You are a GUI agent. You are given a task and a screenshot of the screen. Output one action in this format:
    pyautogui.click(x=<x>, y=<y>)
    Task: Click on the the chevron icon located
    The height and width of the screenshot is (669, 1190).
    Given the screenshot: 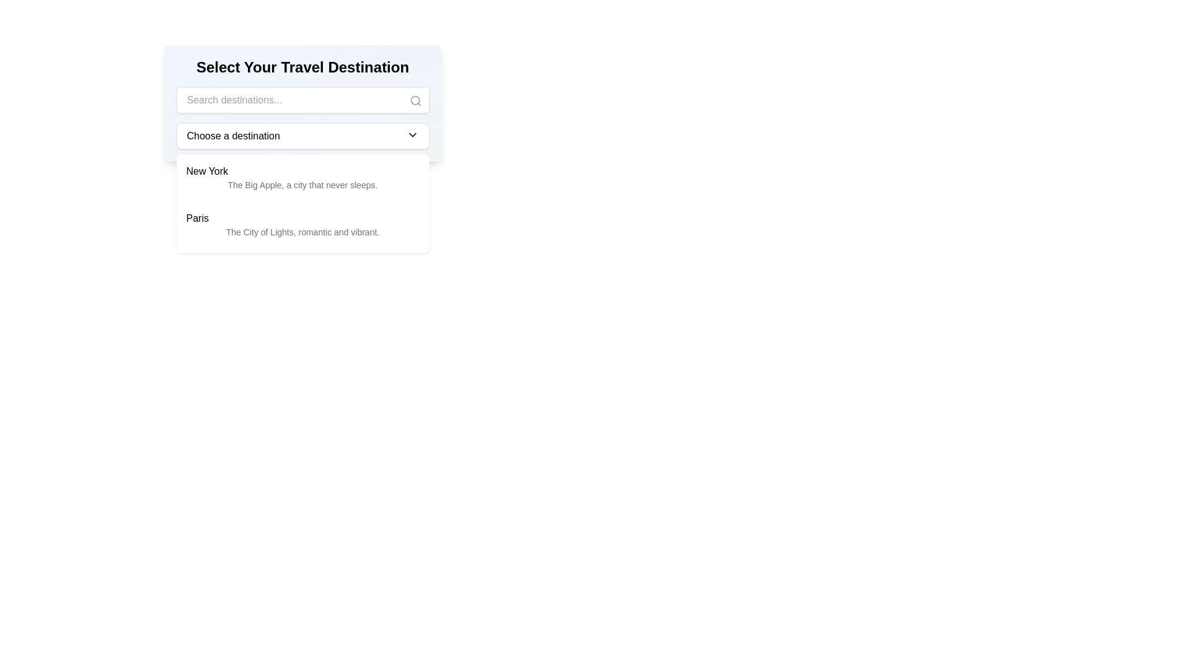 What is the action you would take?
    pyautogui.click(x=412, y=135)
    